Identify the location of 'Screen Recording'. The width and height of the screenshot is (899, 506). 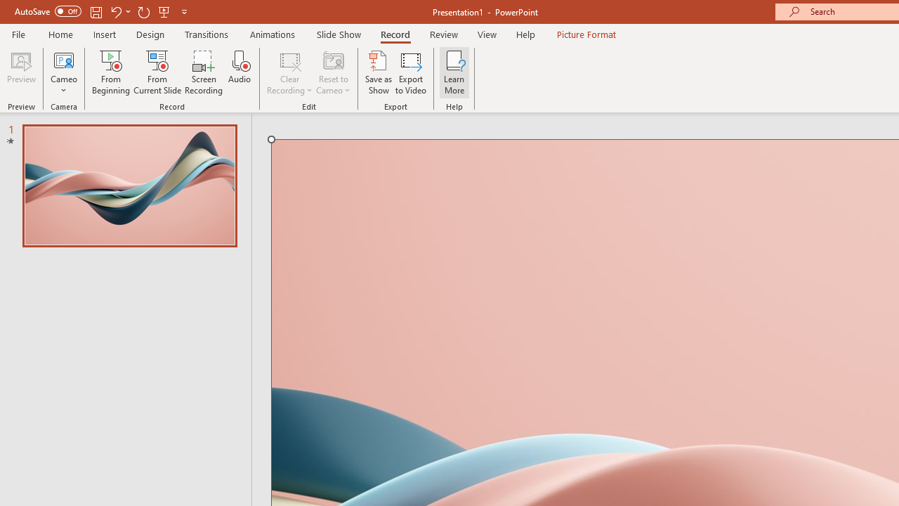
(203, 72).